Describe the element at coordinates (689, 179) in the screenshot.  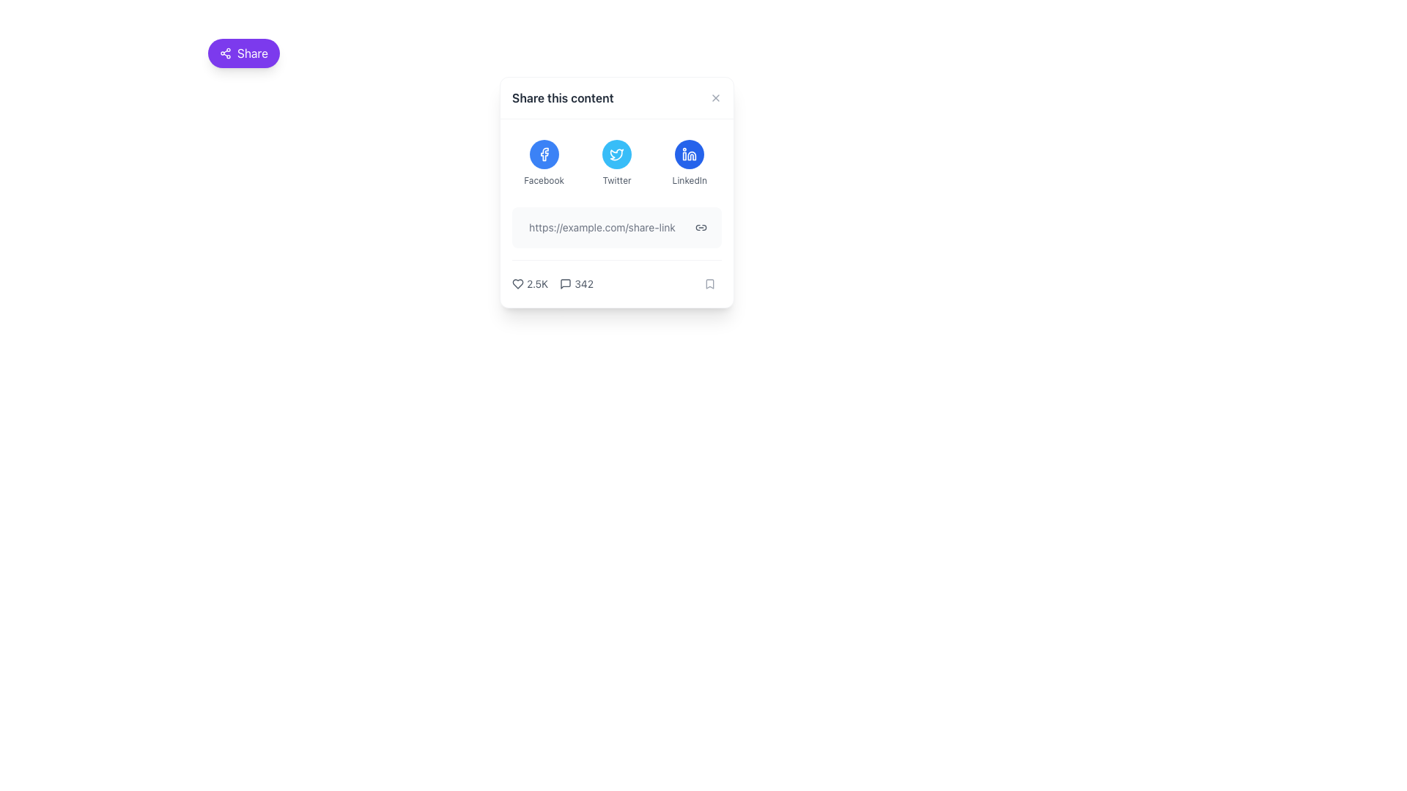
I see `the 'LinkedIn' text label, which signifies the name of the LinkedIn sharing option, located centrally under its corresponding icon` at that location.